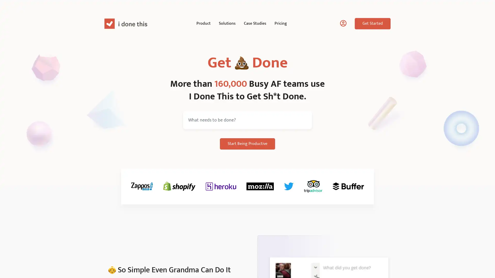  Describe the element at coordinates (247, 144) in the screenshot. I see `Start Being Productive` at that location.